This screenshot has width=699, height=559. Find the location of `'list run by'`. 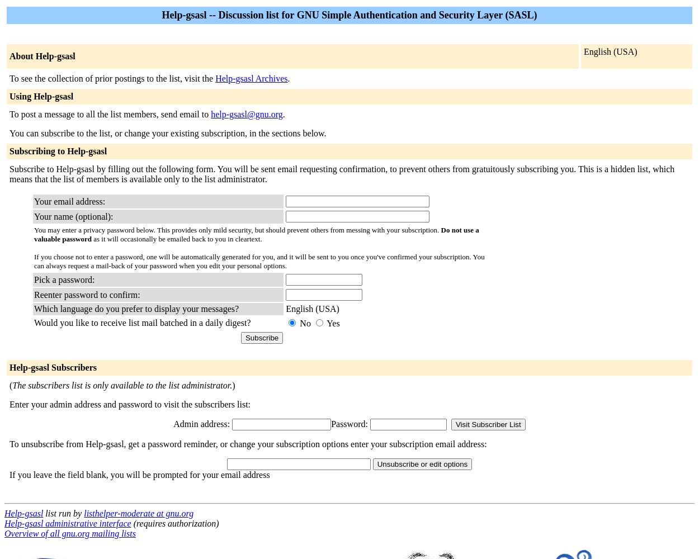

'list run by' is located at coordinates (63, 513).